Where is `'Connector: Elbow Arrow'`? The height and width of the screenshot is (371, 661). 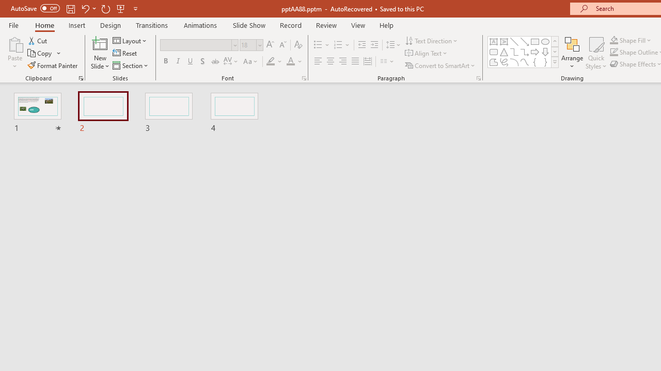
'Connector: Elbow Arrow' is located at coordinates (525, 52).